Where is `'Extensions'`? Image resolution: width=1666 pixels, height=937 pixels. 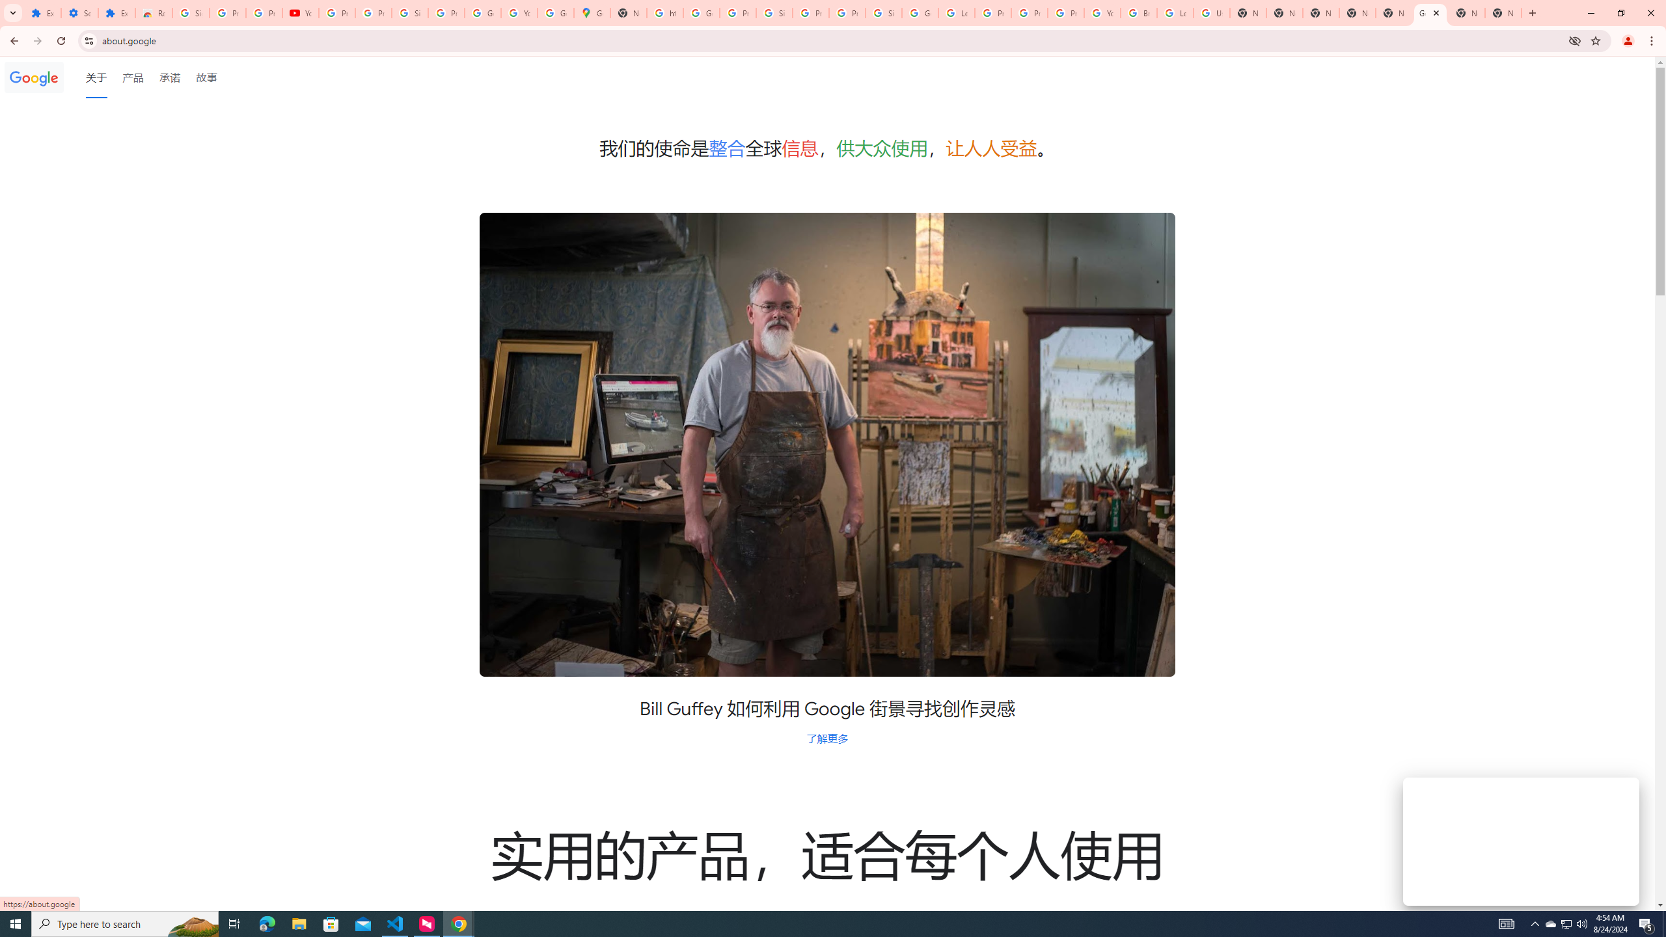 'Extensions' is located at coordinates (116, 12).